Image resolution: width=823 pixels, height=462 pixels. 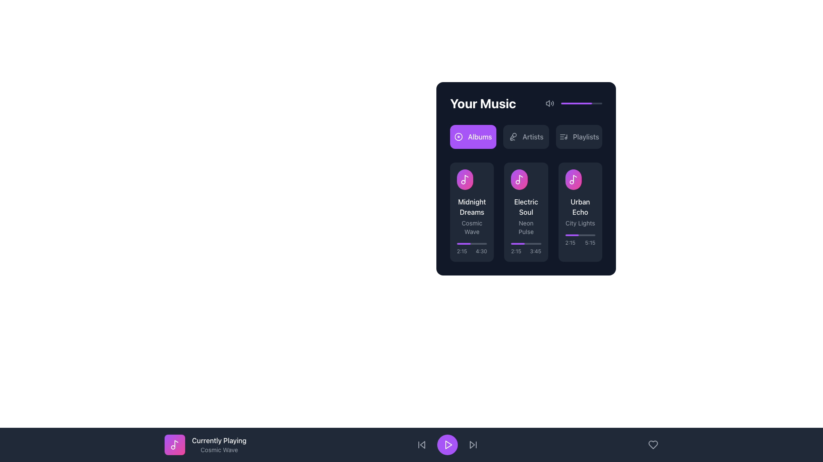 I want to click on the 'Artists' button located between the 'Albums' and 'Playlists' buttons in the top section of the music interface, so click(x=526, y=136).